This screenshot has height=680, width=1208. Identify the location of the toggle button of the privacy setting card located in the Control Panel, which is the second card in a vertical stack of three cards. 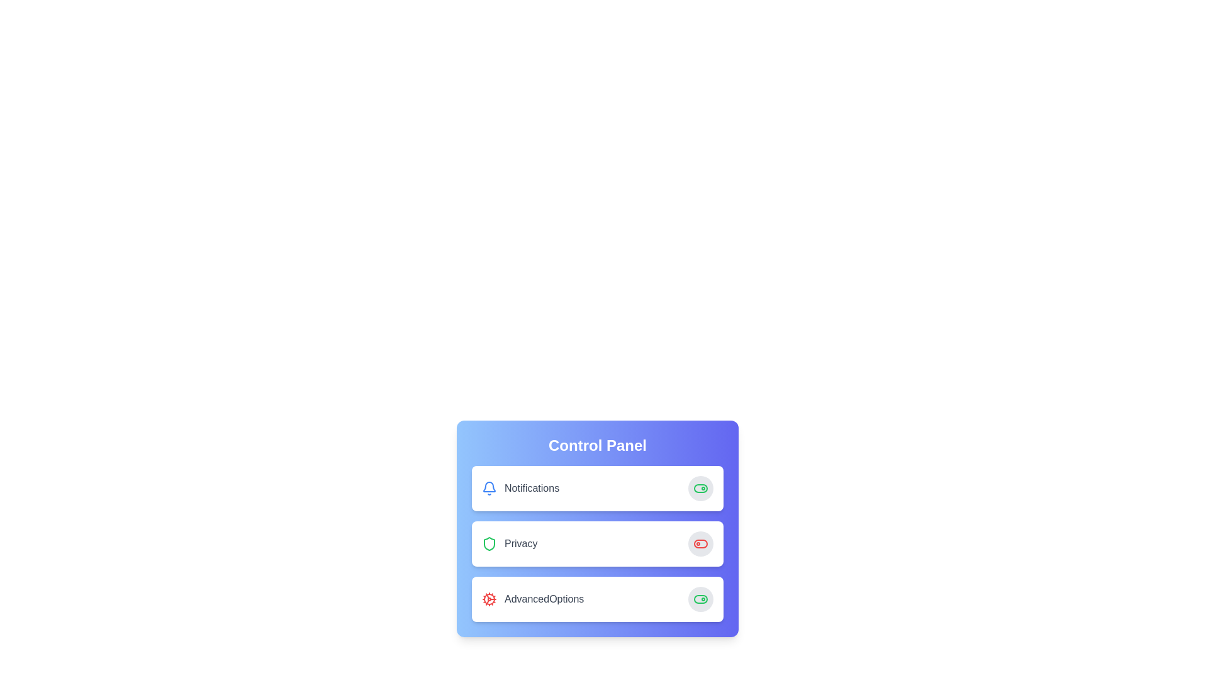
(597, 543).